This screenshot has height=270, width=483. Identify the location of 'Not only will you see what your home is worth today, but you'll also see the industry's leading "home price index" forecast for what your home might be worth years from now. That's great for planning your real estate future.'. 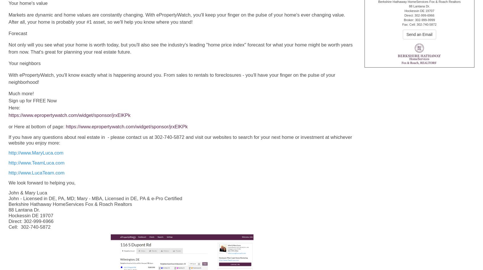
(8, 48).